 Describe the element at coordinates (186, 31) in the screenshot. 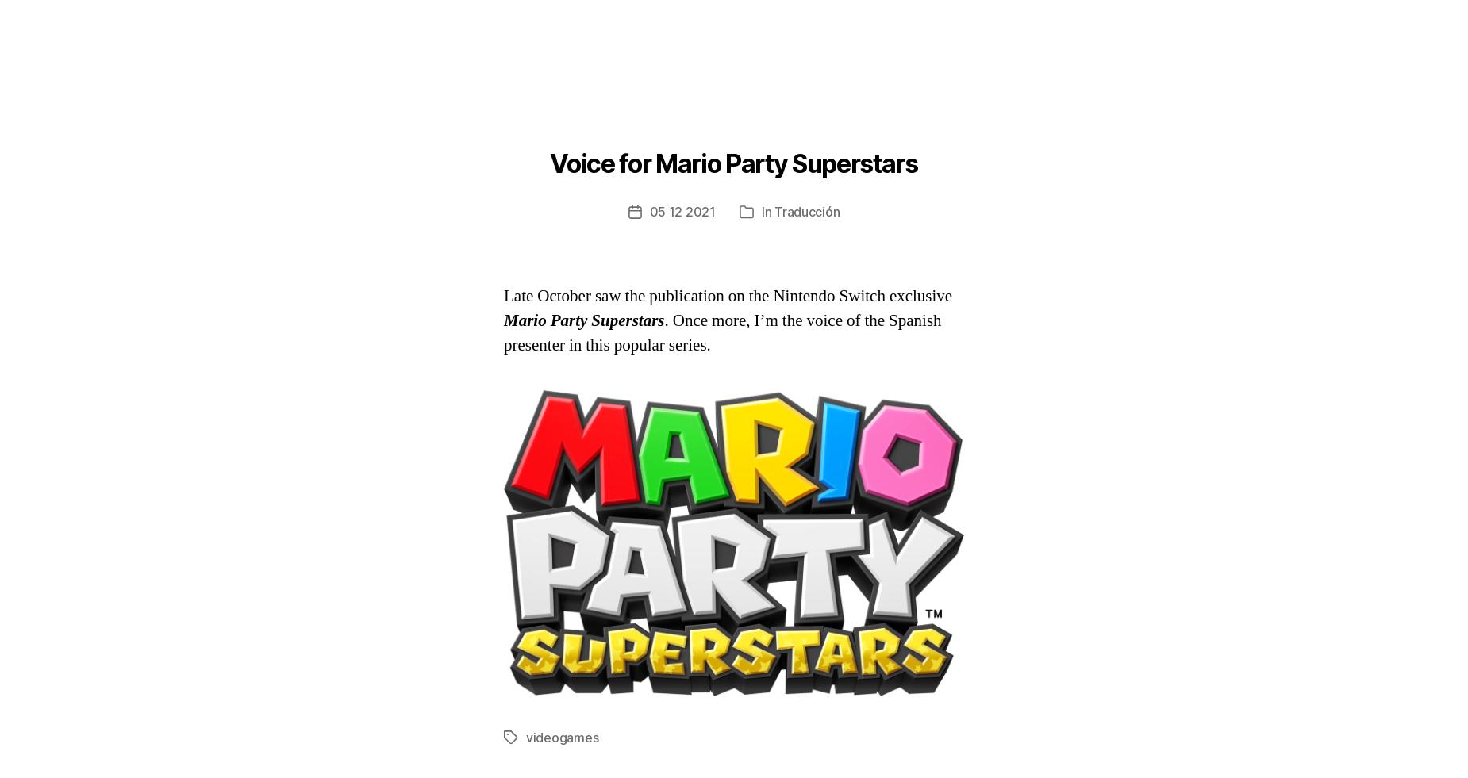

I see `'Álex Hernández-Puertas'` at that location.